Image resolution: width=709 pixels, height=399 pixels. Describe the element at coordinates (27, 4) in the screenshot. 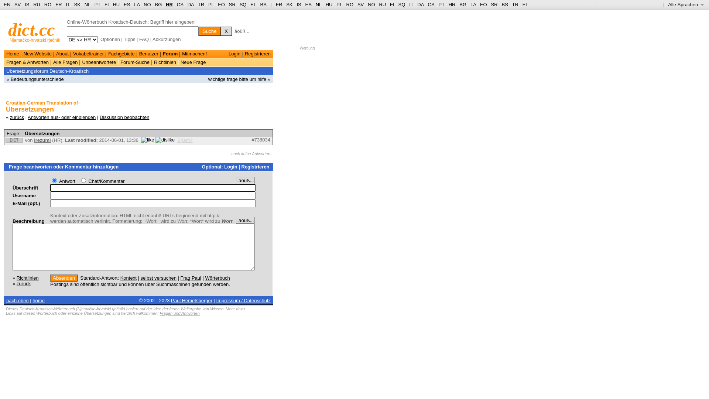

I see `'IS'` at that location.